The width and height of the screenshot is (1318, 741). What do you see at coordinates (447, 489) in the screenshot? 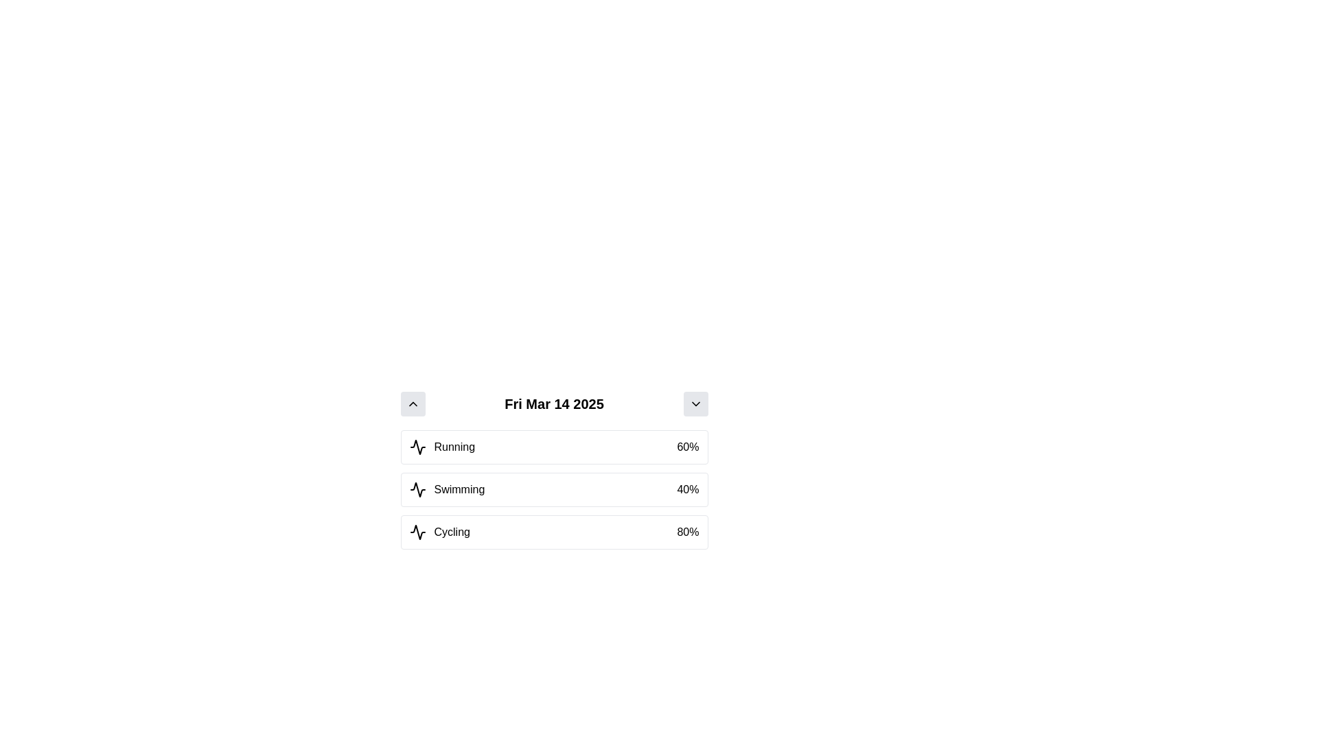
I see `the text label displaying 'Swimming' which is positioned next to a waveform icon and is the second item in a vertical list of activities` at bounding box center [447, 489].